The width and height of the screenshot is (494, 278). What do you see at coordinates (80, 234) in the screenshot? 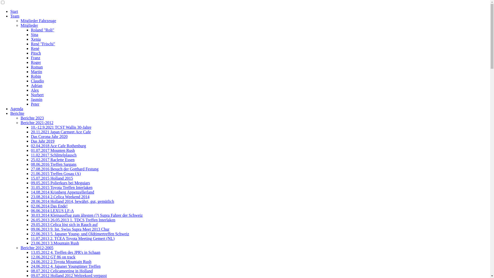
I see `'22.06.2013 5. Japaner Young- und Oldtimertreffen Schweiz'` at bounding box center [80, 234].